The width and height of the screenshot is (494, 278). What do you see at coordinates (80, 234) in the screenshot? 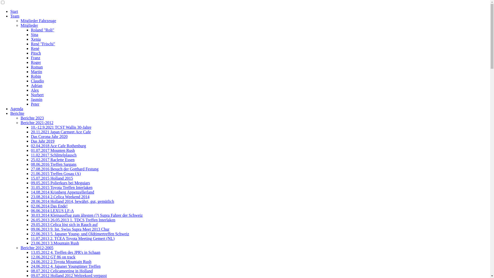
I see `'22.06.2013 5. Japaner Young- und Oldtimertreffen Schweiz'` at bounding box center [80, 234].